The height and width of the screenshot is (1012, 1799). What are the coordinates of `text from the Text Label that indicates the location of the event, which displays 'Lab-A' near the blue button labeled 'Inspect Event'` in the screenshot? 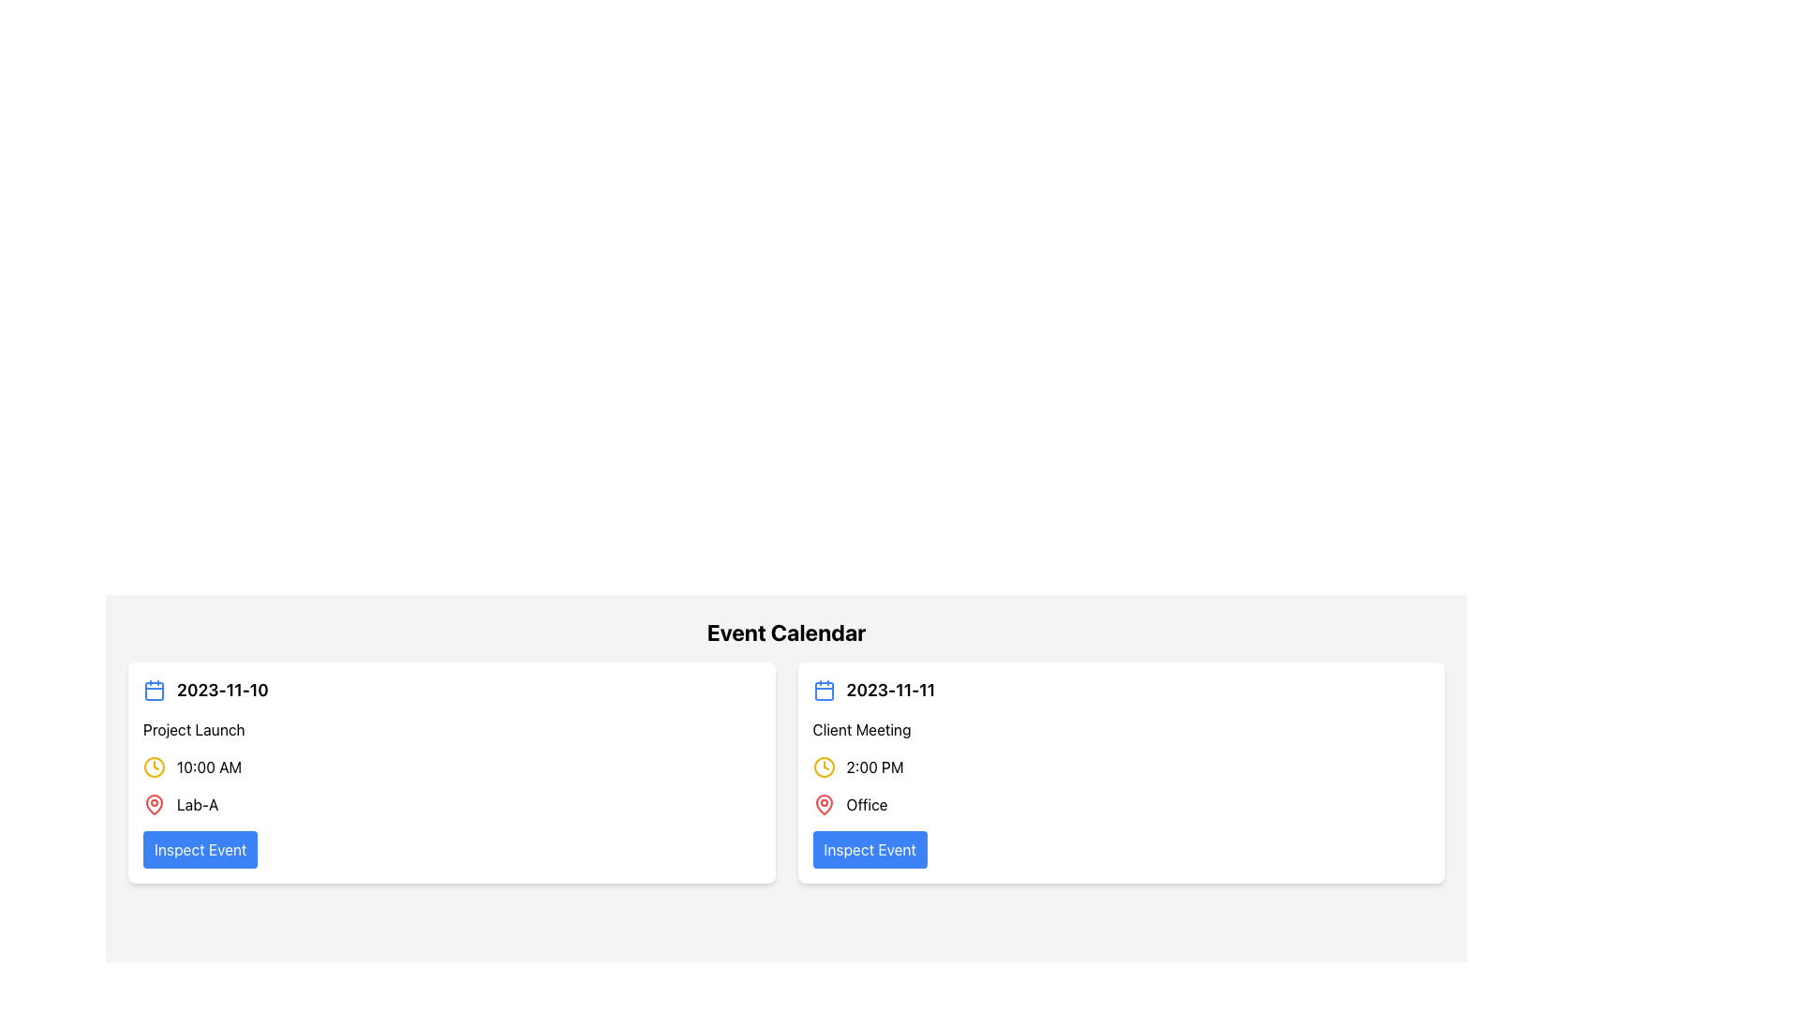 It's located at (198, 804).